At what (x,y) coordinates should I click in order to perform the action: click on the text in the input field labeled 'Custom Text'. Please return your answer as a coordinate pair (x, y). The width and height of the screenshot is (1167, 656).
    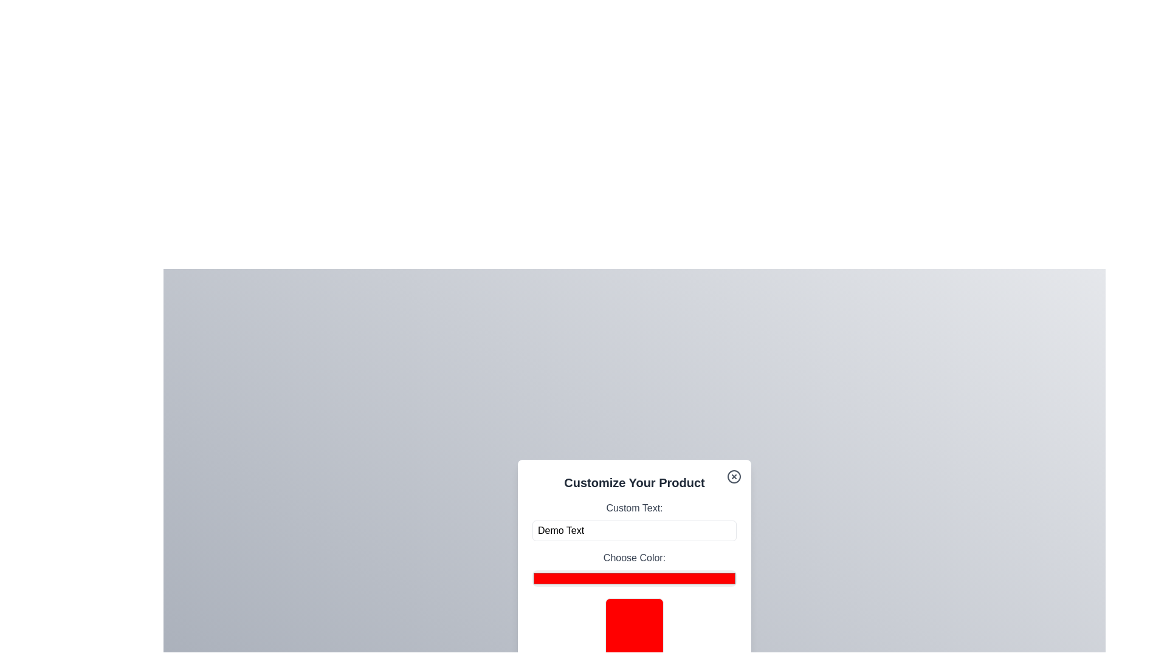
    Looking at the image, I should click on (633, 530).